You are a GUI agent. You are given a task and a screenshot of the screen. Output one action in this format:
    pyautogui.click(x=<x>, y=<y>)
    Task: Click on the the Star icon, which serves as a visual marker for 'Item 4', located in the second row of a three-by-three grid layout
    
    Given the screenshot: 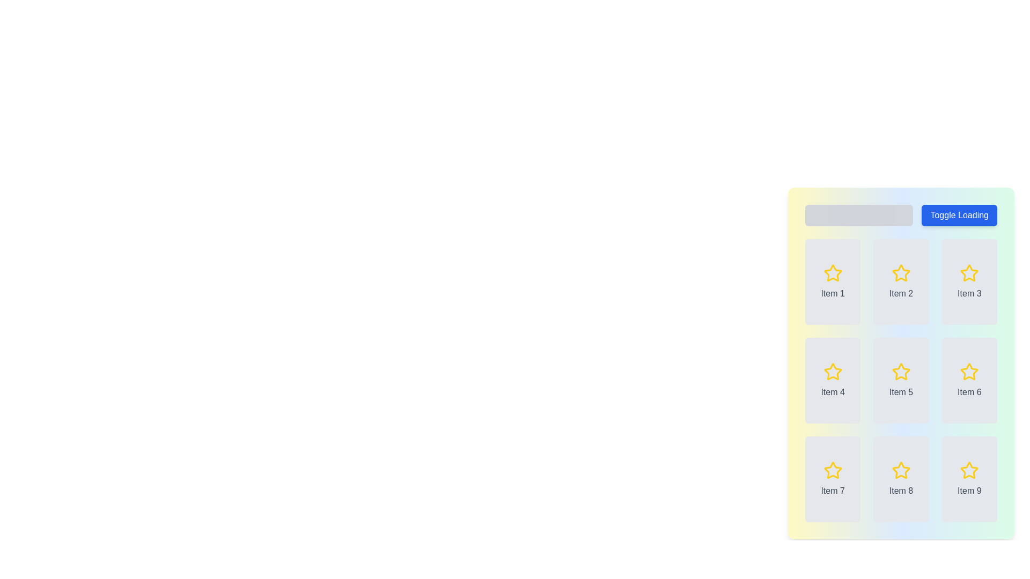 What is the action you would take?
    pyautogui.click(x=832, y=372)
    